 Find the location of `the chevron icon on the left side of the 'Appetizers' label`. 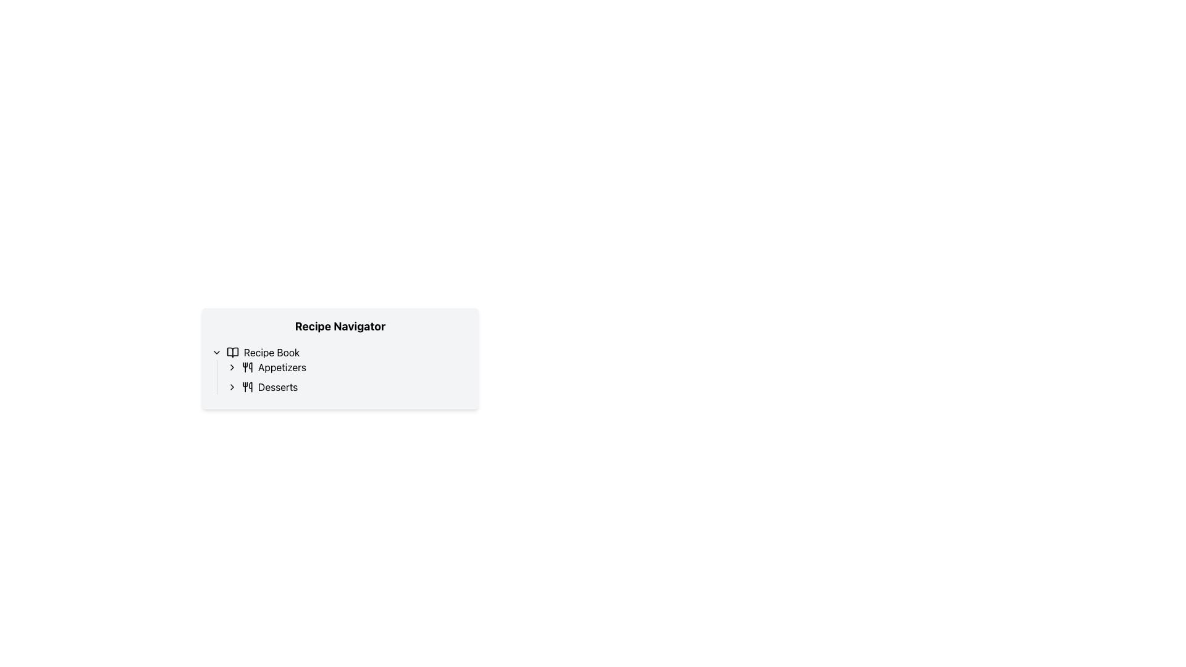

the chevron icon on the left side of the 'Appetizers' label is located at coordinates (232, 366).